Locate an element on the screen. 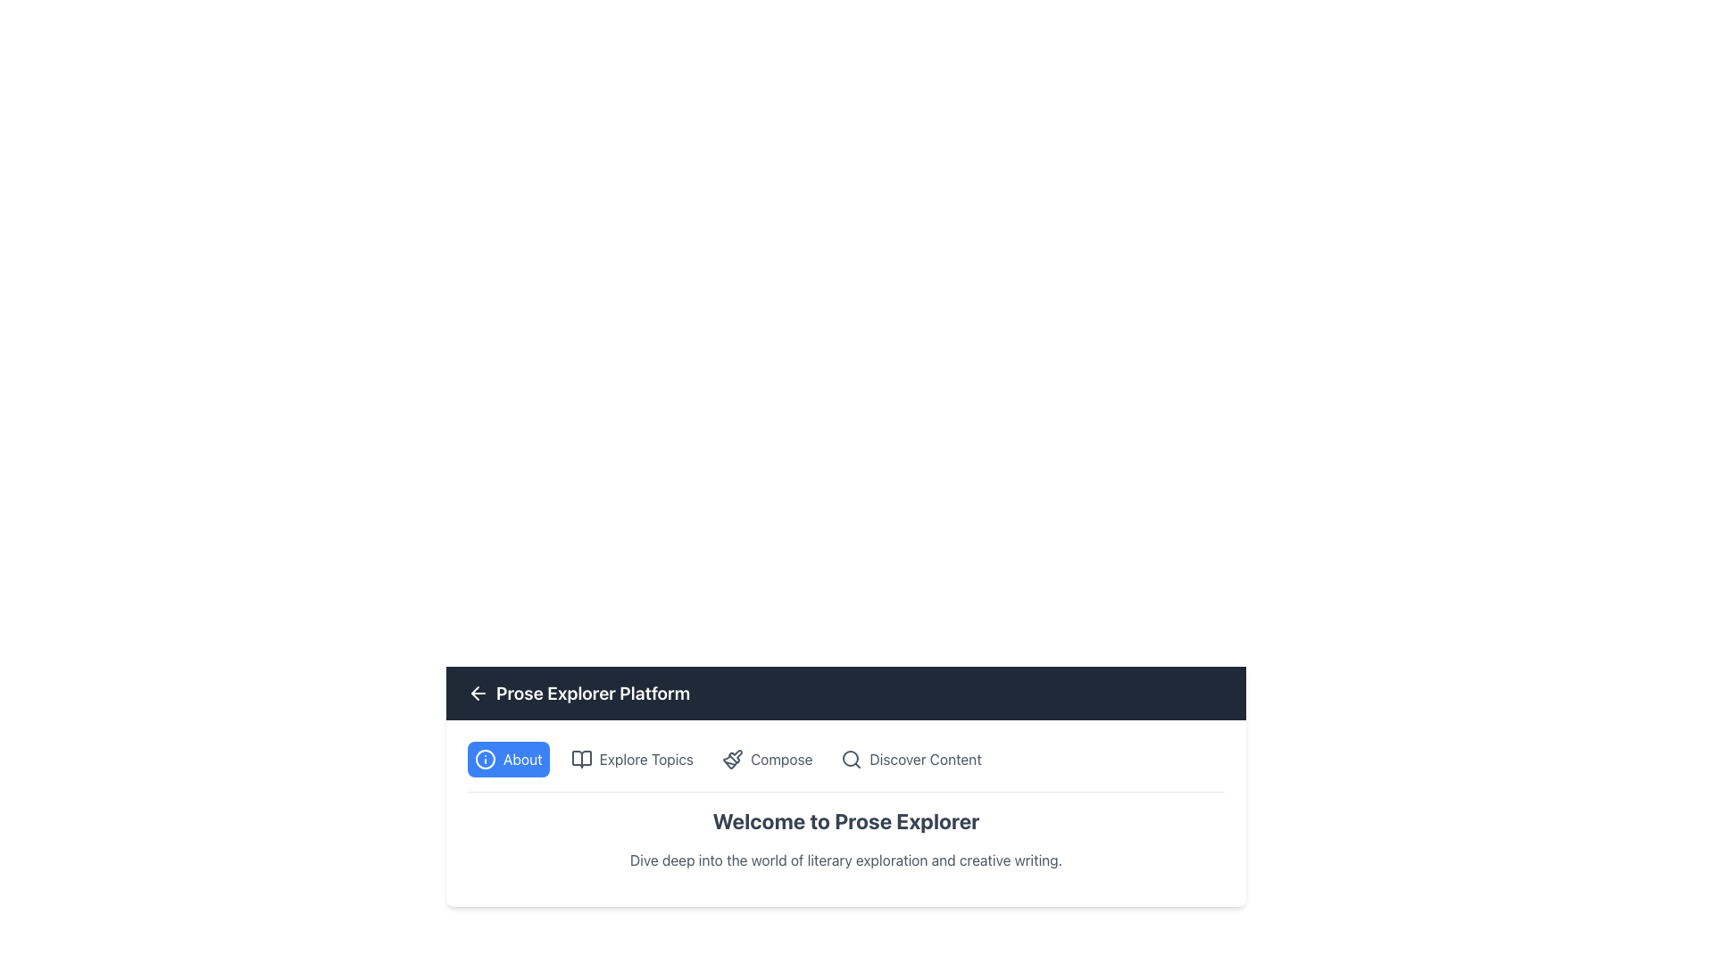  the static text label 'Prose Explorer Platform', which is displayed in a bold white font against a dark background, positioned to the right of a navigation arrow icon in a header-like section is located at coordinates (593, 692).